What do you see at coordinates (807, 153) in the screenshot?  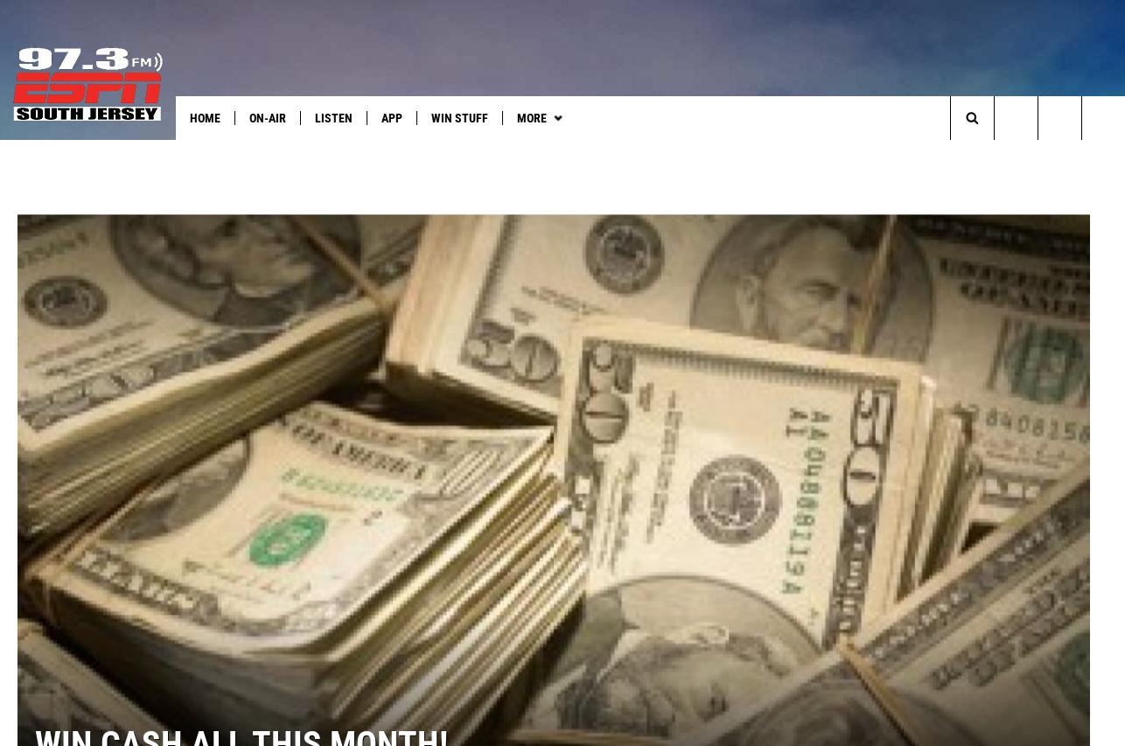 I see `'Things to Do in NJ'` at bounding box center [807, 153].